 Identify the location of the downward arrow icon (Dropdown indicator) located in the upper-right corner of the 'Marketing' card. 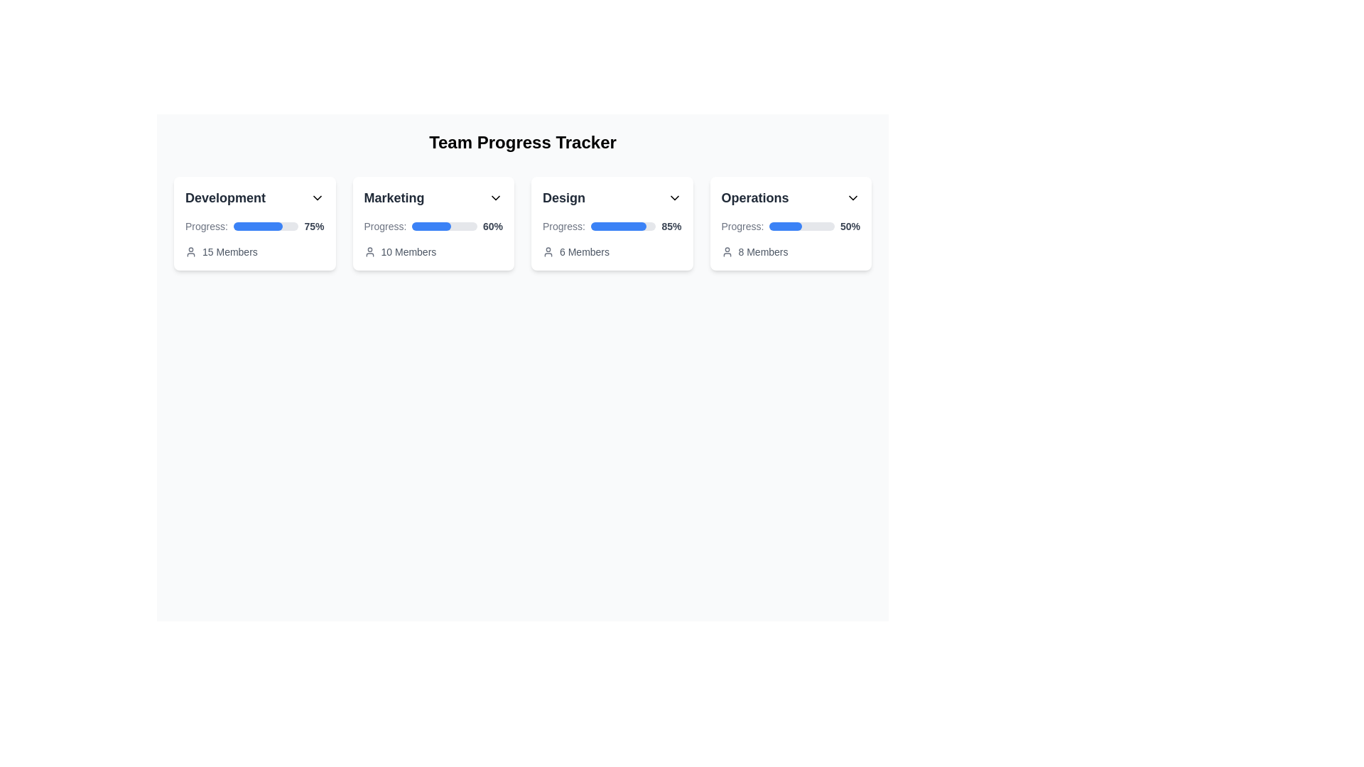
(495, 197).